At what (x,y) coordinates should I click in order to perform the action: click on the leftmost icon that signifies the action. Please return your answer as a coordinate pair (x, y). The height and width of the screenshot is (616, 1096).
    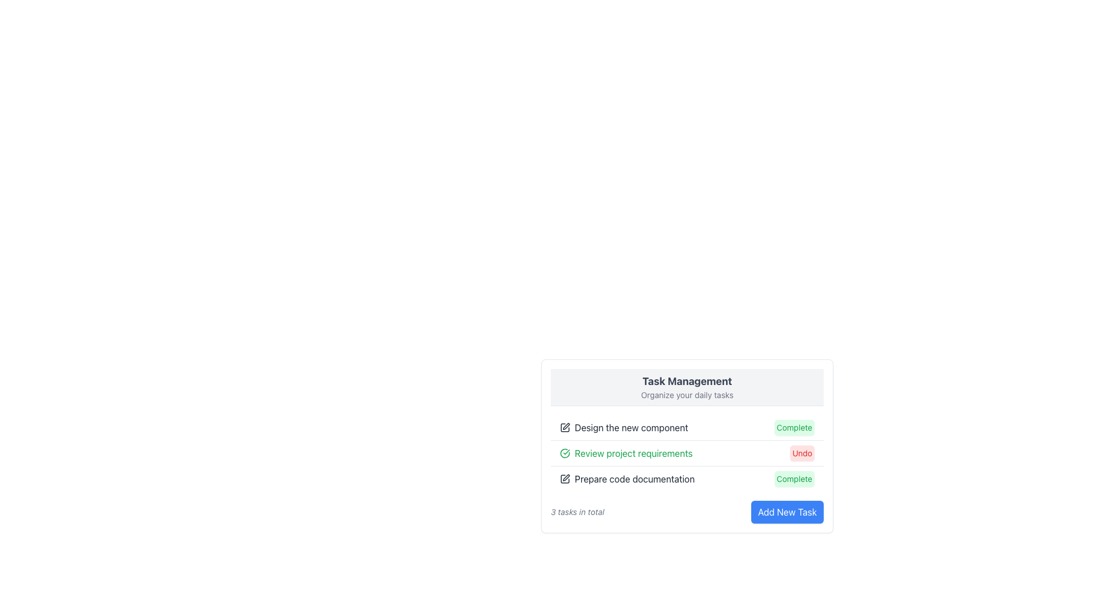
    Looking at the image, I should click on (565, 427).